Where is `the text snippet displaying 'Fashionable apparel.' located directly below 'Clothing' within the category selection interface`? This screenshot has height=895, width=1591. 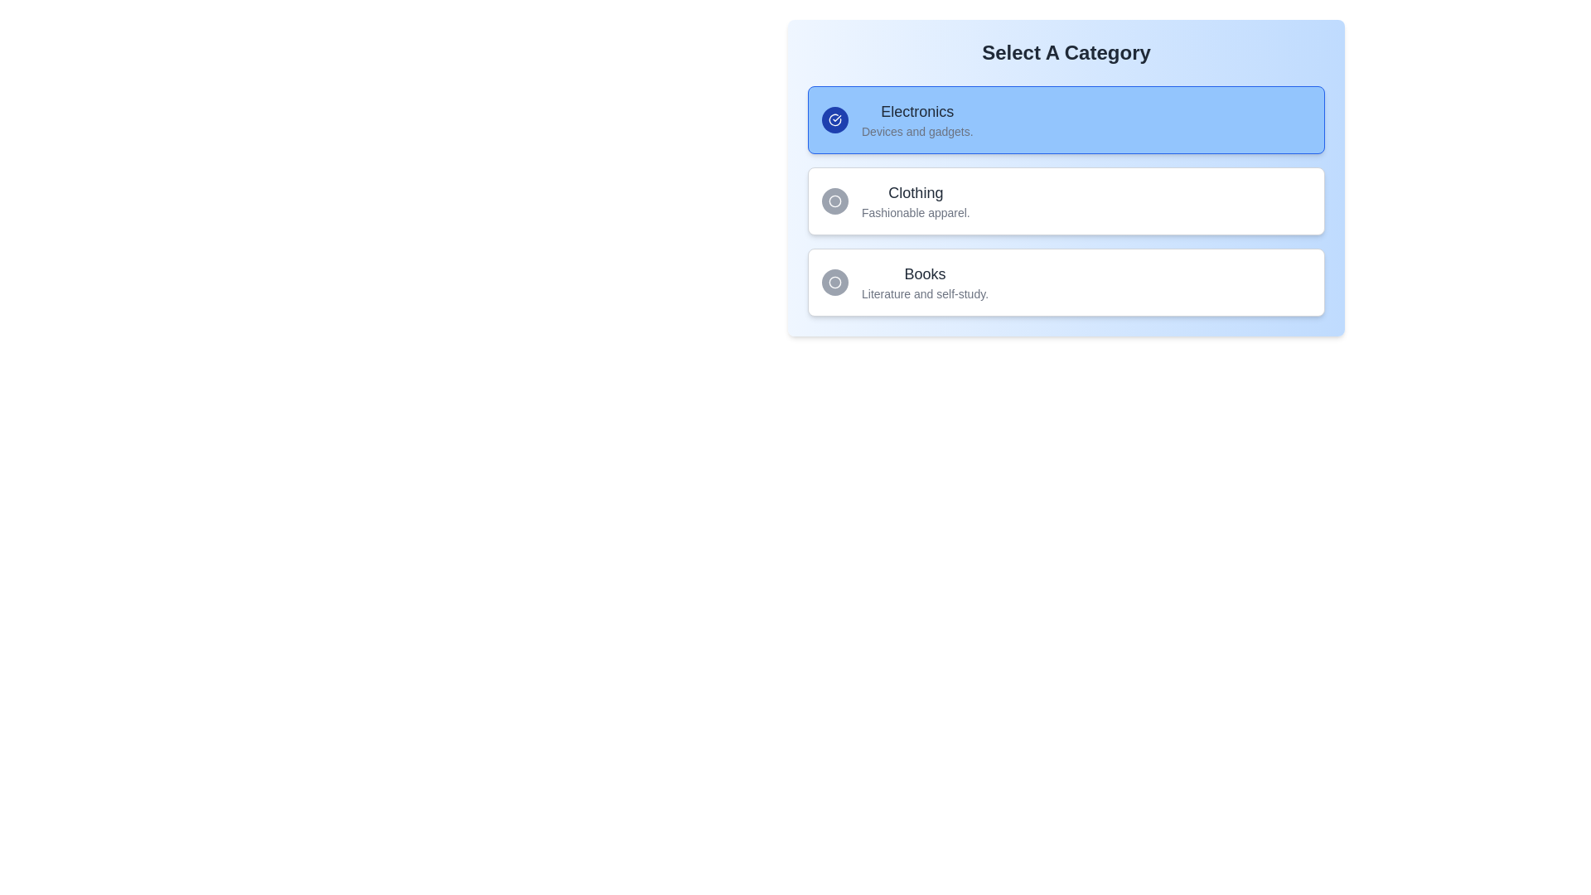
the text snippet displaying 'Fashionable apparel.' located directly below 'Clothing' within the category selection interface is located at coordinates (915, 212).